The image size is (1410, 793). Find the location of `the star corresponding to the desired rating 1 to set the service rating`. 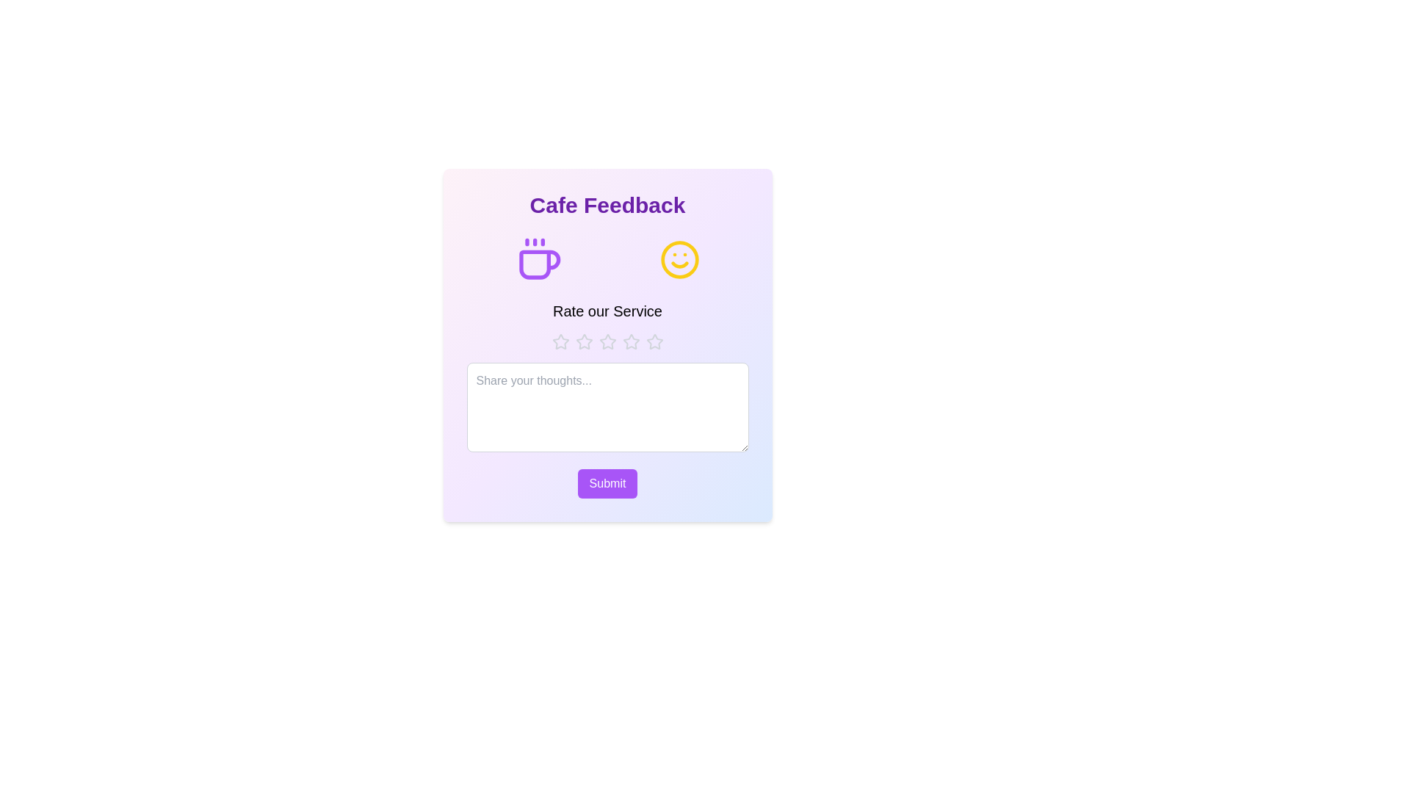

the star corresponding to the desired rating 1 to set the service rating is located at coordinates (560, 342).